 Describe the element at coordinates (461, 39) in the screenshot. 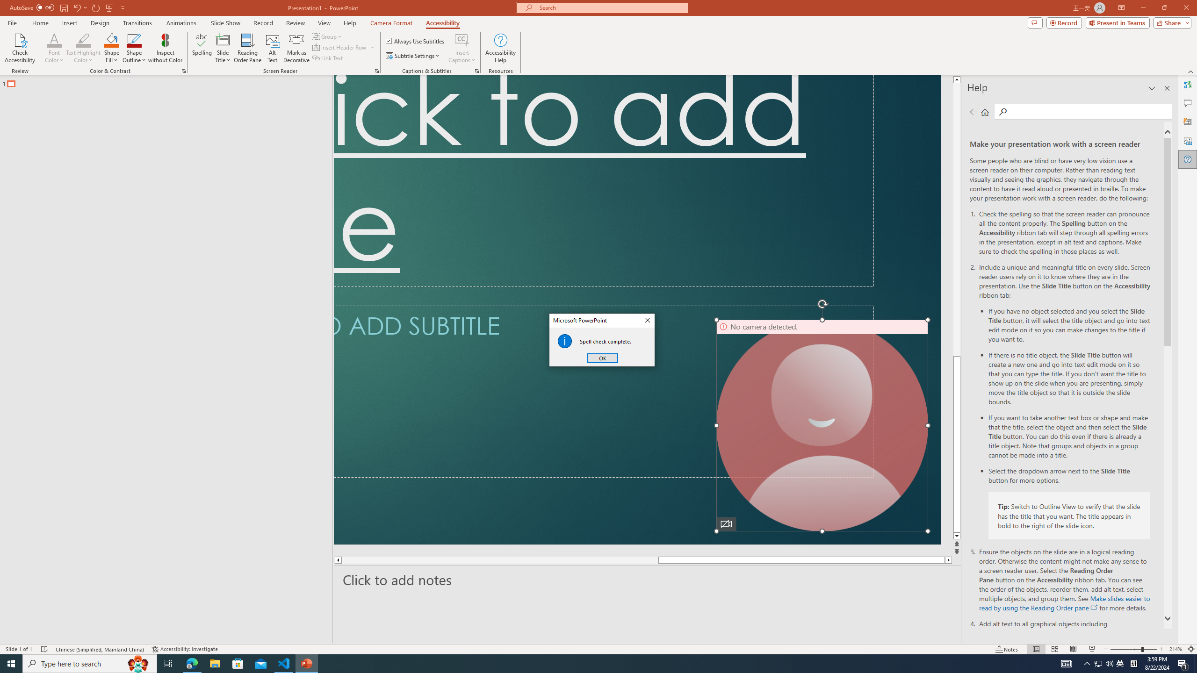

I see `'Insert Captions'` at that location.